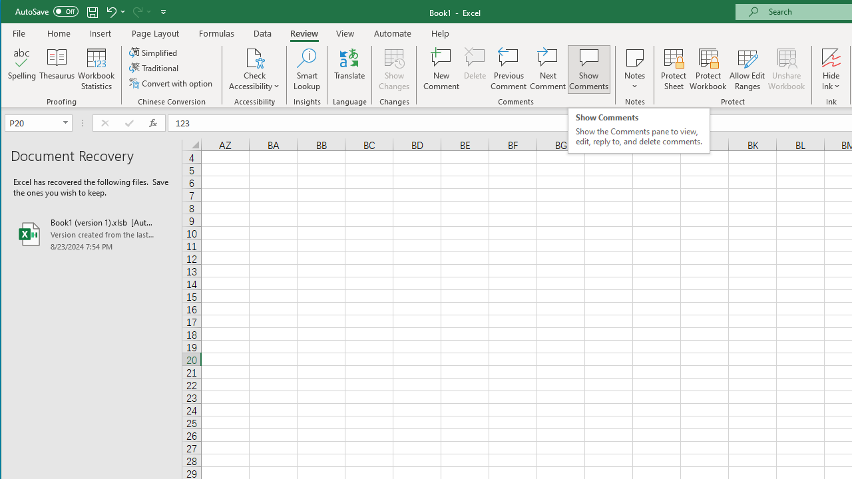 Image resolution: width=852 pixels, height=479 pixels. Describe the element at coordinates (22, 69) in the screenshot. I see `'Spelling...'` at that location.